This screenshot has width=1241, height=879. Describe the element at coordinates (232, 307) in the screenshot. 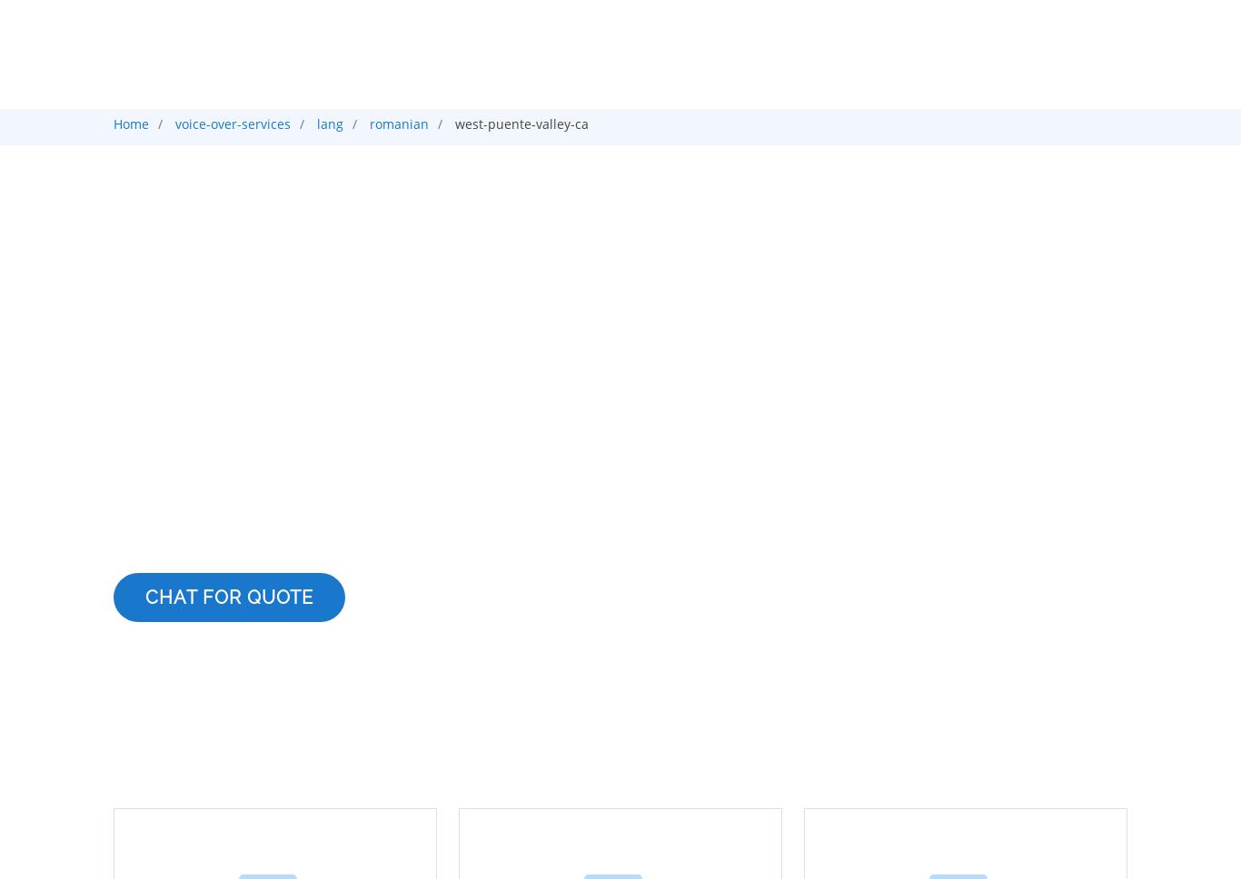

I see `'Italian'` at that location.